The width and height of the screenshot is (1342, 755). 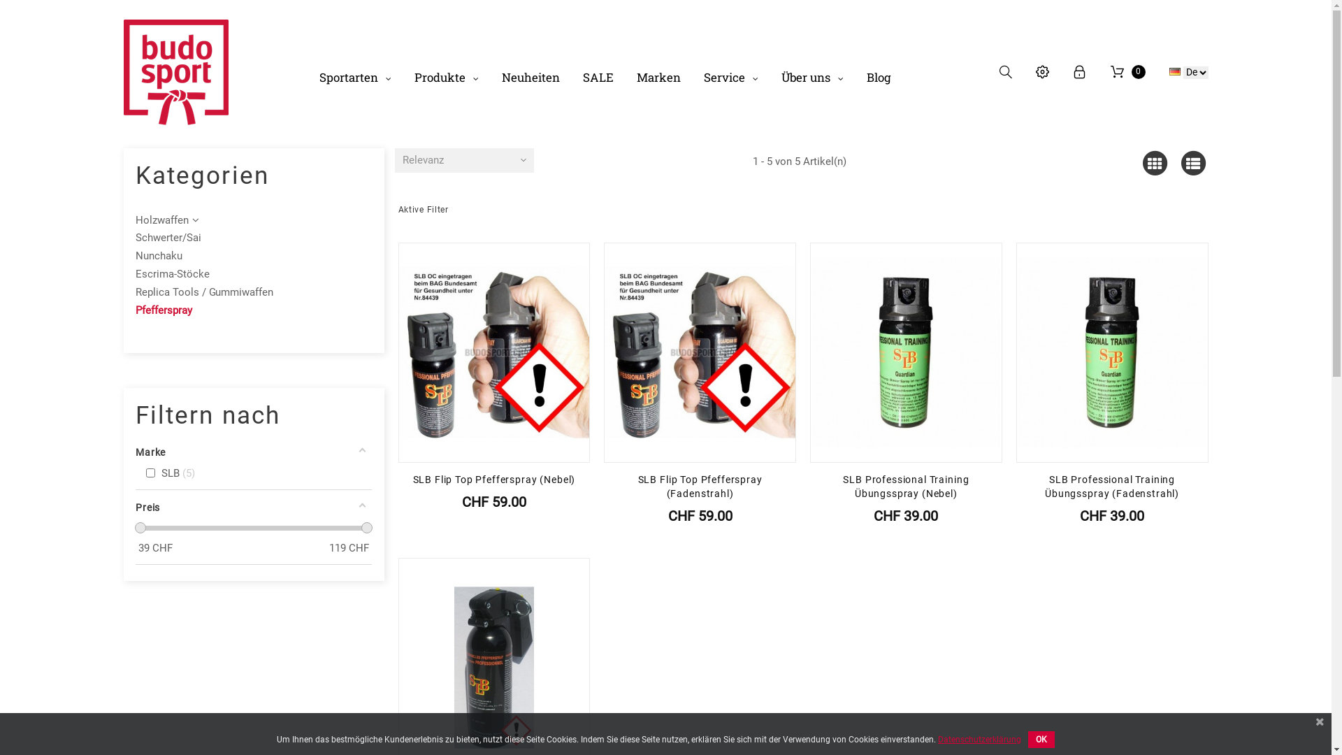 What do you see at coordinates (730, 78) in the screenshot?
I see `'Service'` at bounding box center [730, 78].